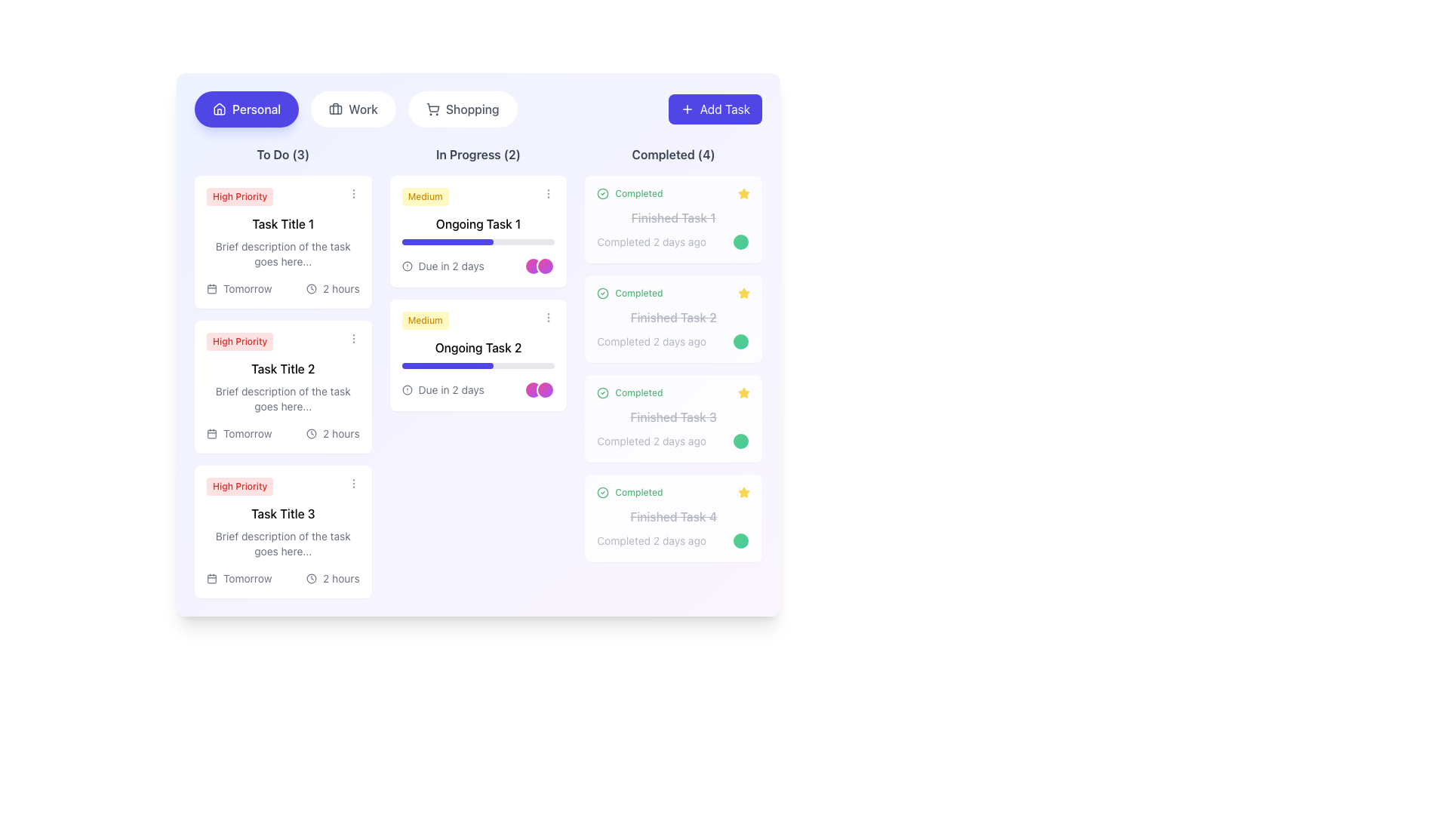 The width and height of the screenshot is (1449, 815). What do you see at coordinates (283, 369) in the screenshot?
I see `the static text label that serves as the title for the second task card in the 'To Do' section under the 'Personal' category` at bounding box center [283, 369].